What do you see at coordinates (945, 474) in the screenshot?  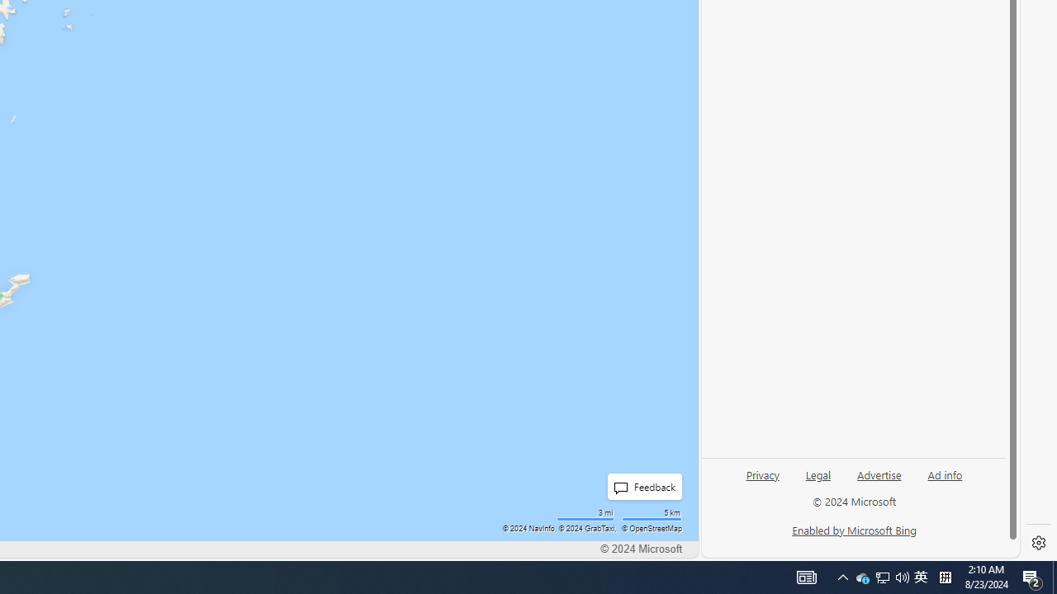 I see `'Ad info'` at bounding box center [945, 474].